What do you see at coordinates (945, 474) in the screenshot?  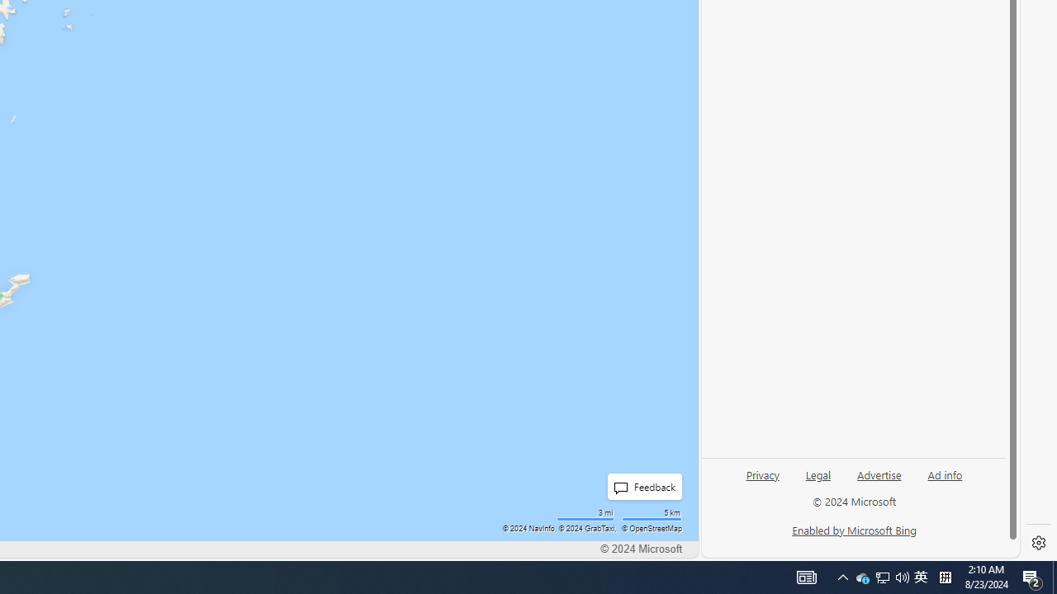 I see `'Ad info'` at bounding box center [945, 474].